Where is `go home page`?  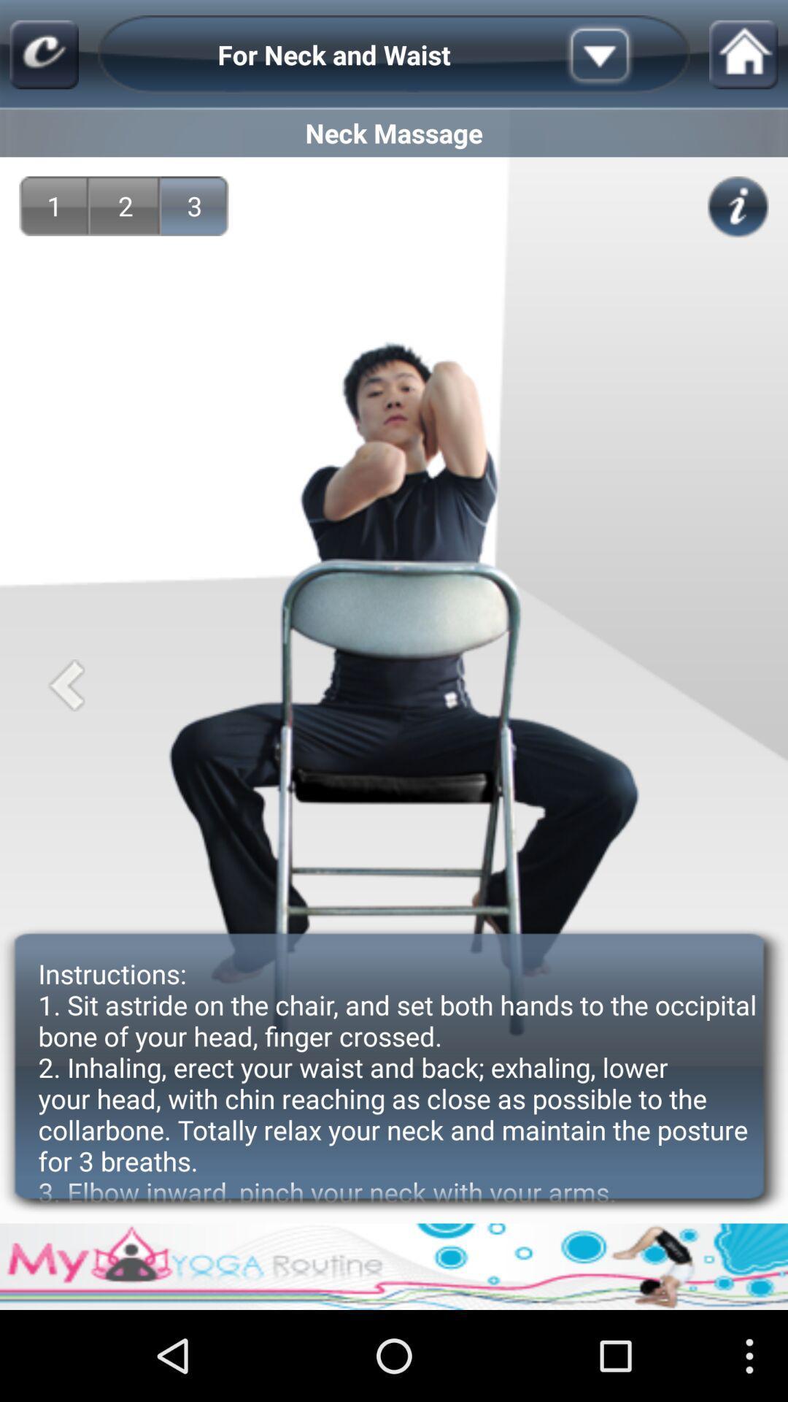 go home page is located at coordinates (743, 55).